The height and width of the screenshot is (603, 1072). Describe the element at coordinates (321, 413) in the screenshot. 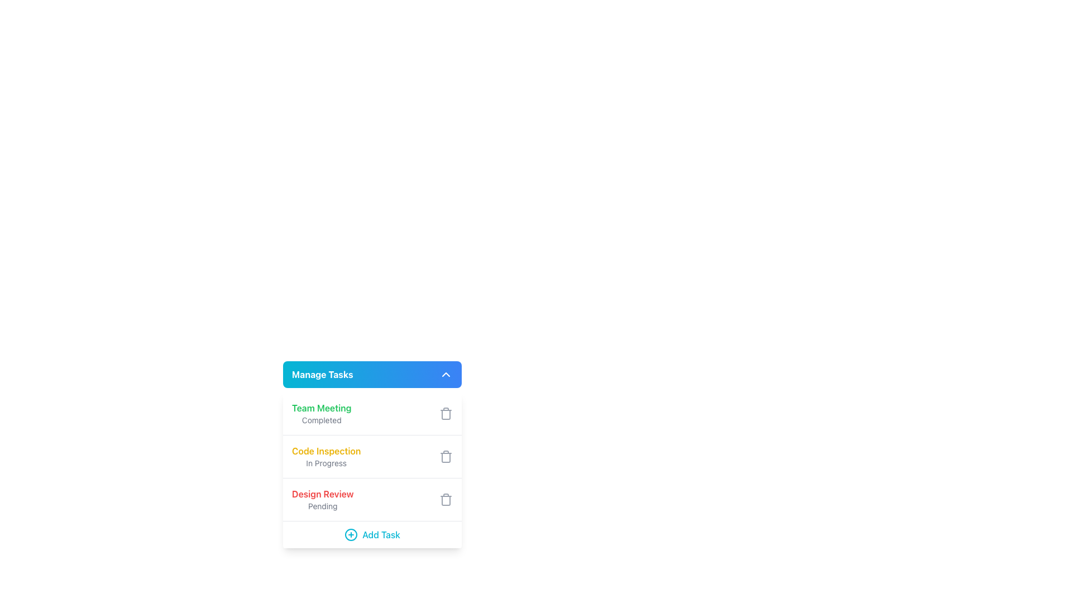

I see `the static informational text element displaying 'Team Meeting' and its status 'Completed', which is the first task item in the task list under 'Manage Tasks'` at that location.